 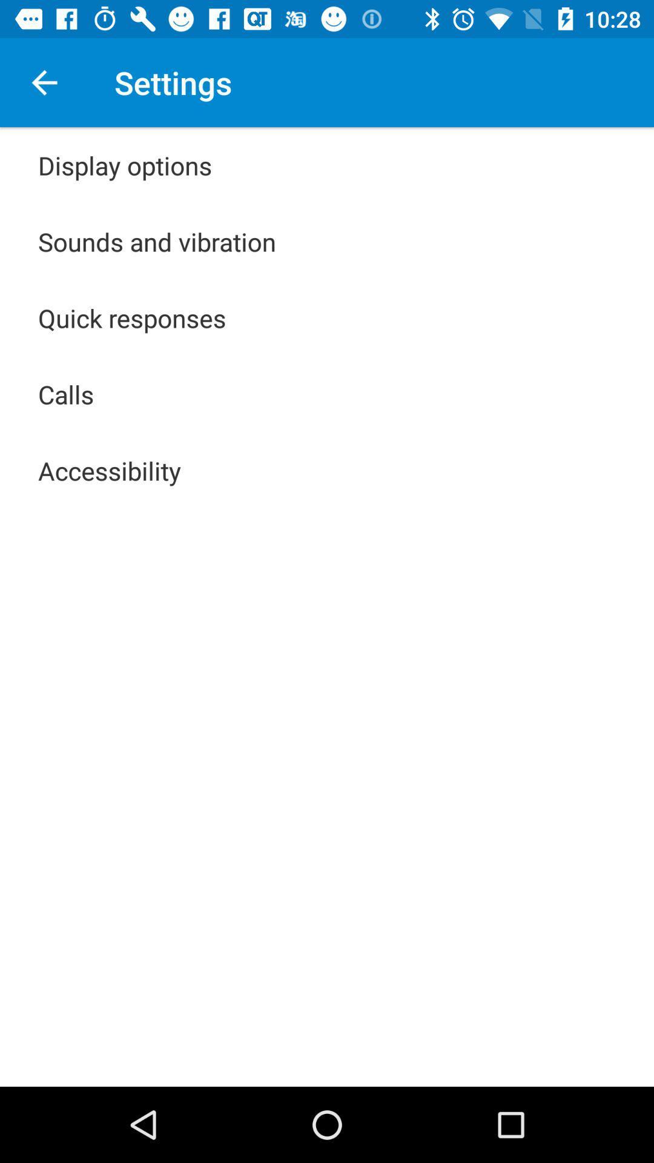 What do you see at coordinates (44, 82) in the screenshot?
I see `icon to the left of the settings app` at bounding box center [44, 82].